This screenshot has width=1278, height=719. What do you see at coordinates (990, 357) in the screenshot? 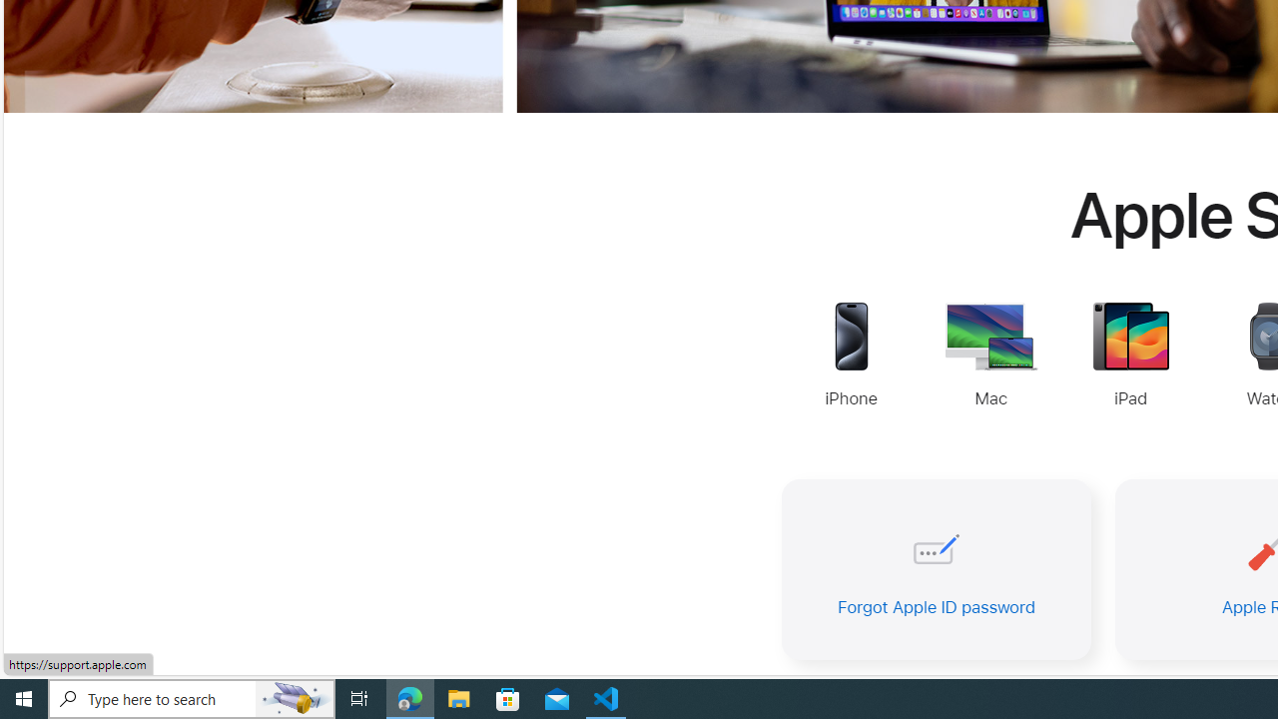
I see `'Mac Support'` at bounding box center [990, 357].